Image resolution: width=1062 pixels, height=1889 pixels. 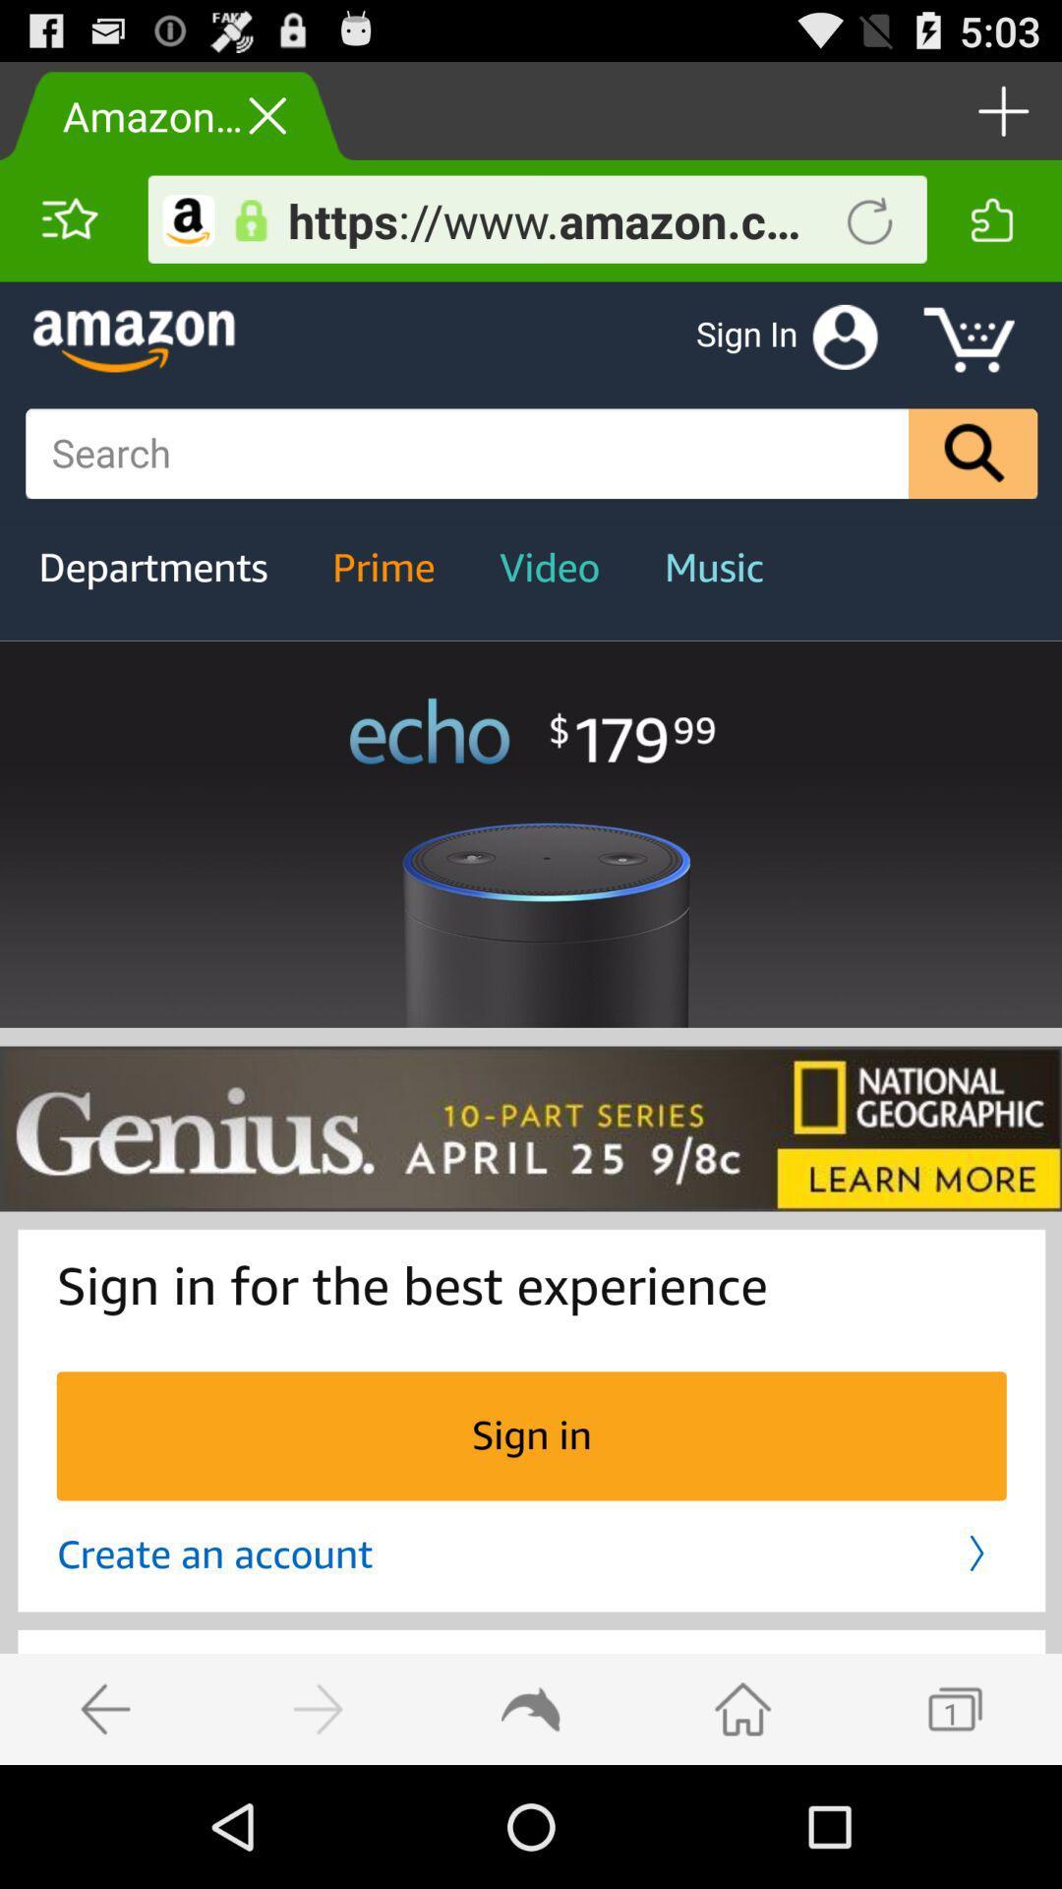 What do you see at coordinates (1000, 109) in the screenshot?
I see `tab` at bounding box center [1000, 109].